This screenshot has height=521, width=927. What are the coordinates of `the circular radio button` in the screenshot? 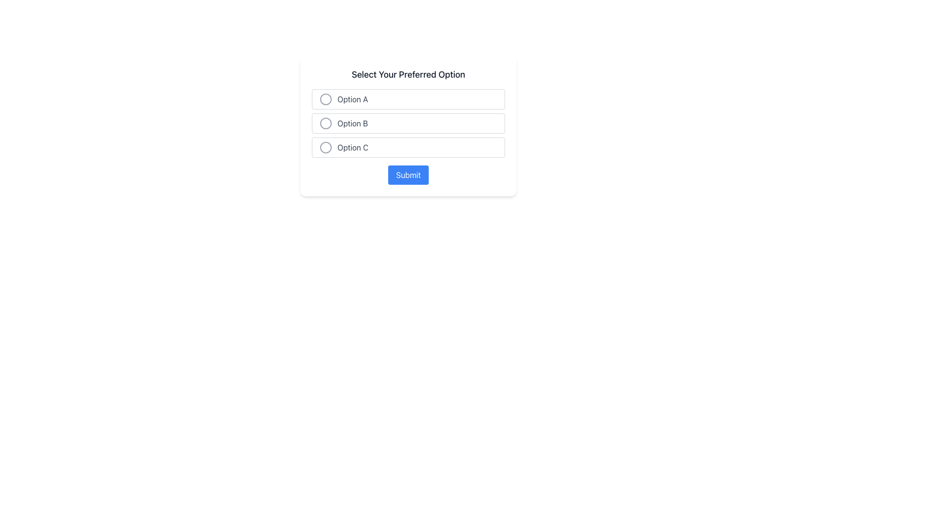 It's located at (326, 123).